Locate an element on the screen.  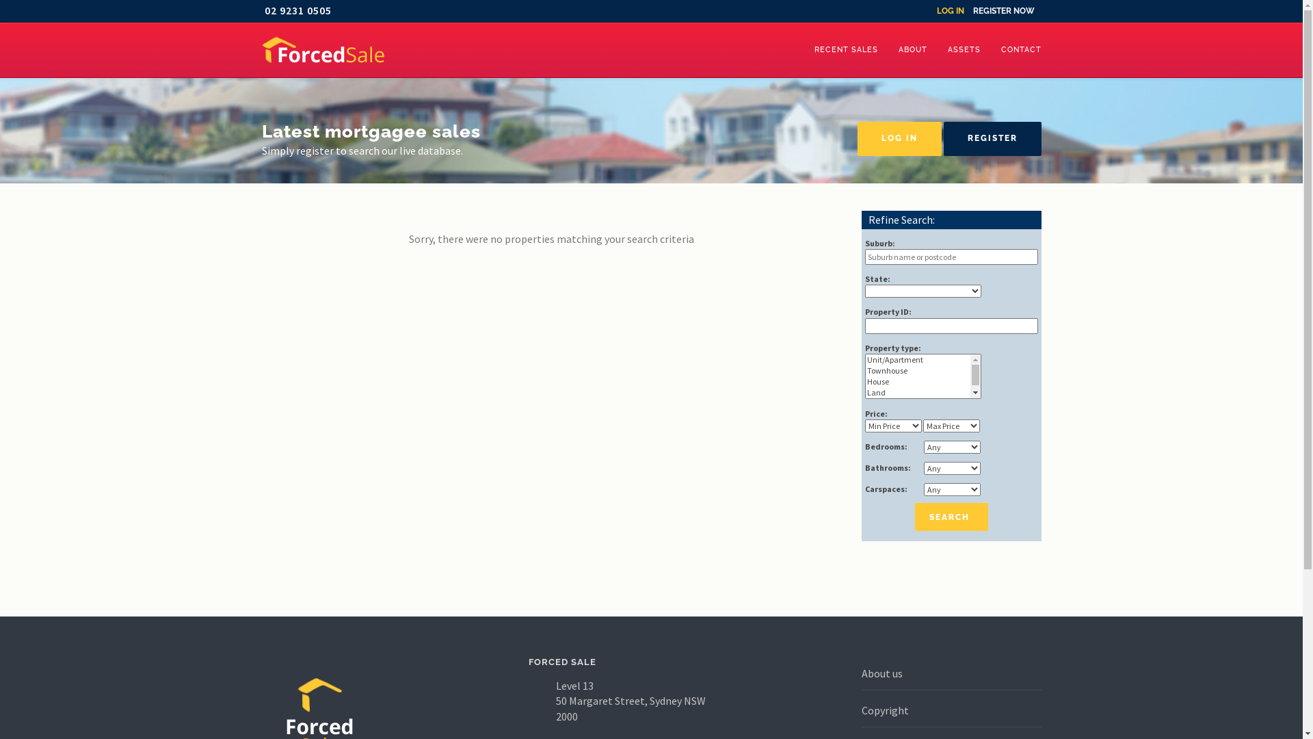
'REGISTER' is located at coordinates (992, 139).